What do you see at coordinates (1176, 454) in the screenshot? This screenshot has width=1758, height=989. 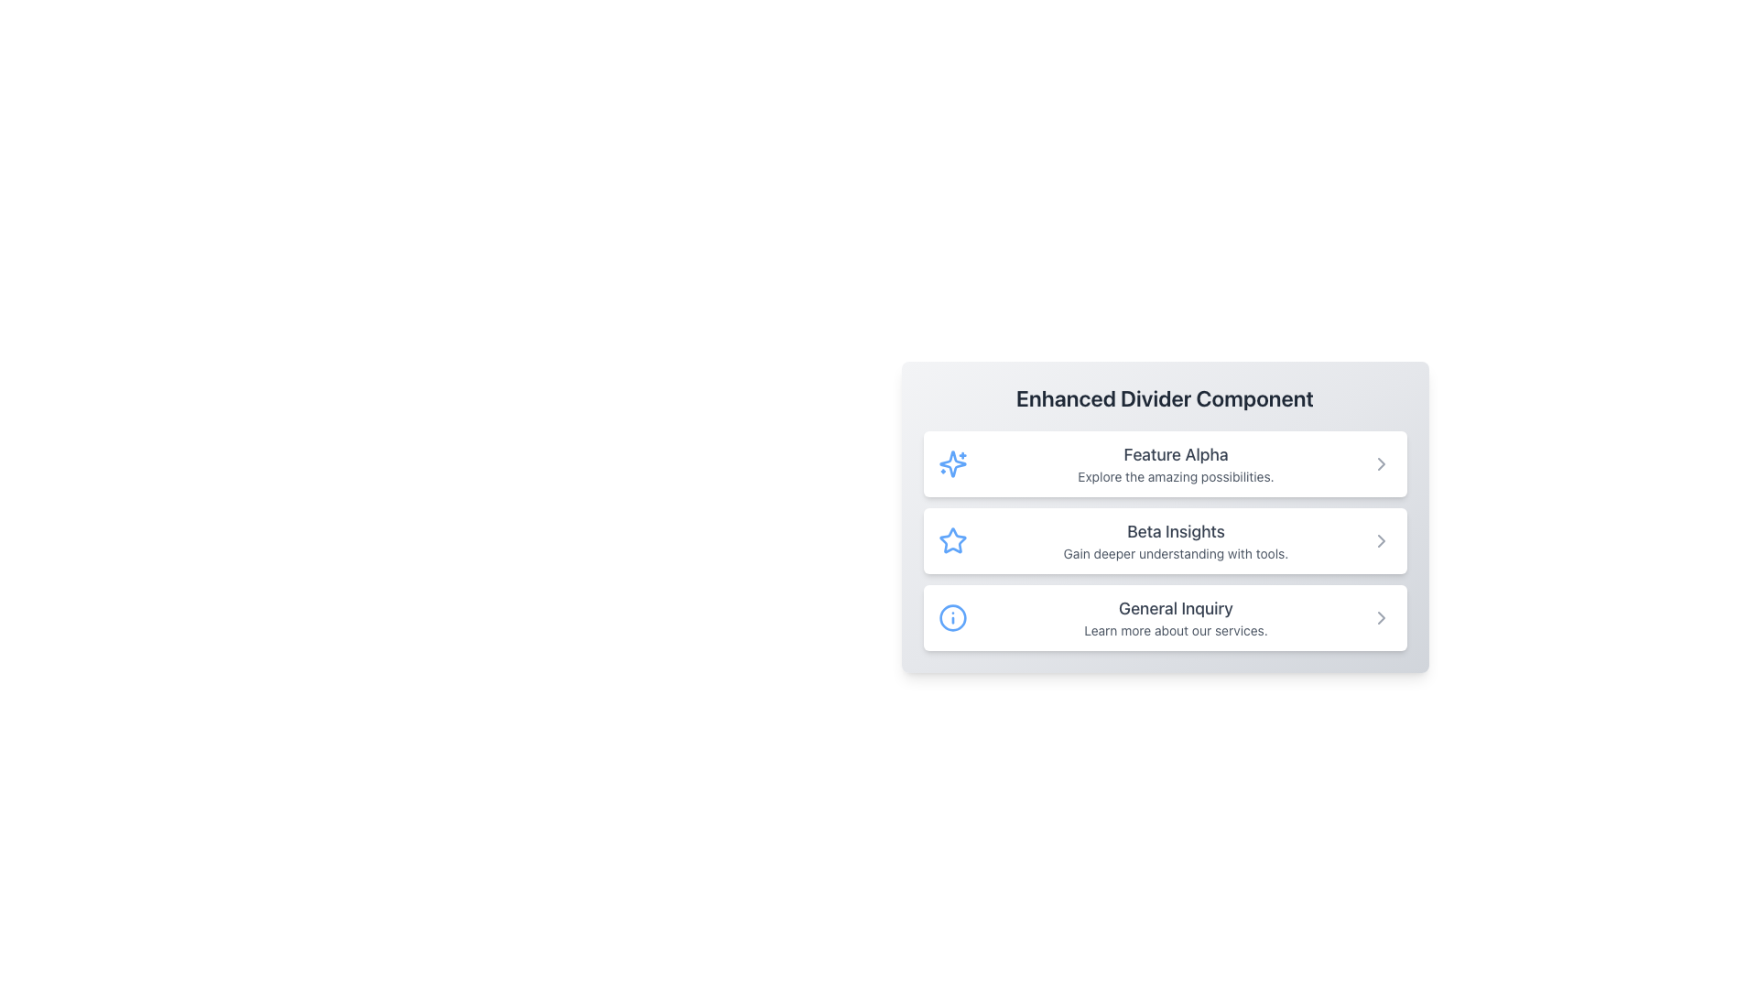 I see `the Text Label titled 'Feature Alpha'` at bounding box center [1176, 454].